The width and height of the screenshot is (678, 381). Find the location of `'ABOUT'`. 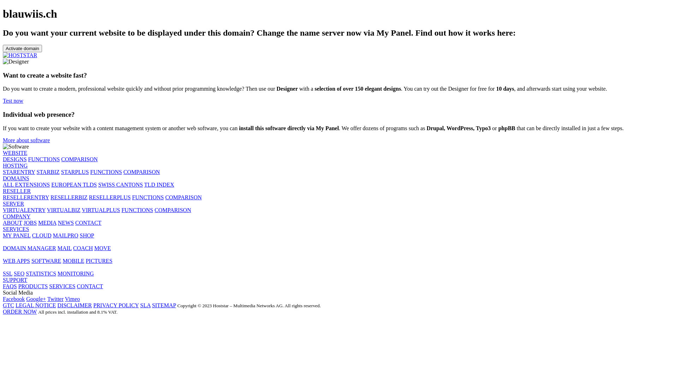

'ABOUT' is located at coordinates (12, 223).